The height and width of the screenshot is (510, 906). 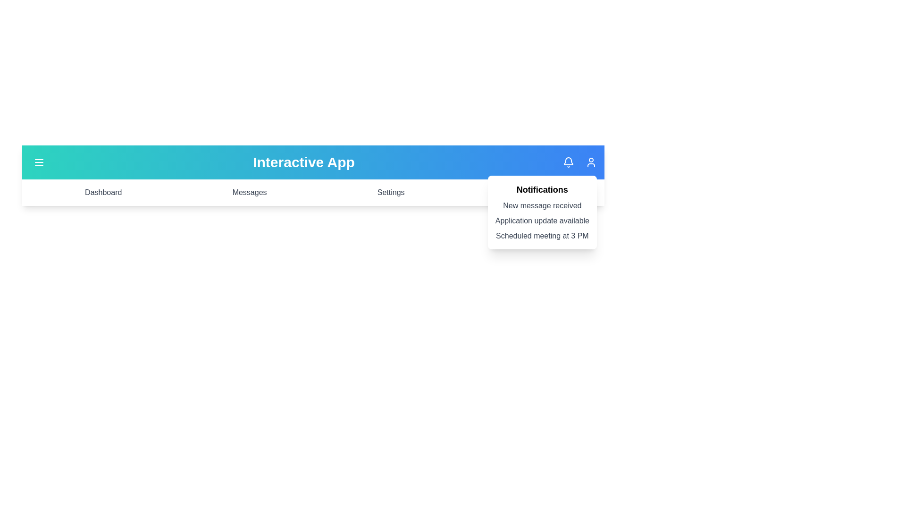 I want to click on the interactive element menu_button to observe visual changes, so click(x=38, y=161).